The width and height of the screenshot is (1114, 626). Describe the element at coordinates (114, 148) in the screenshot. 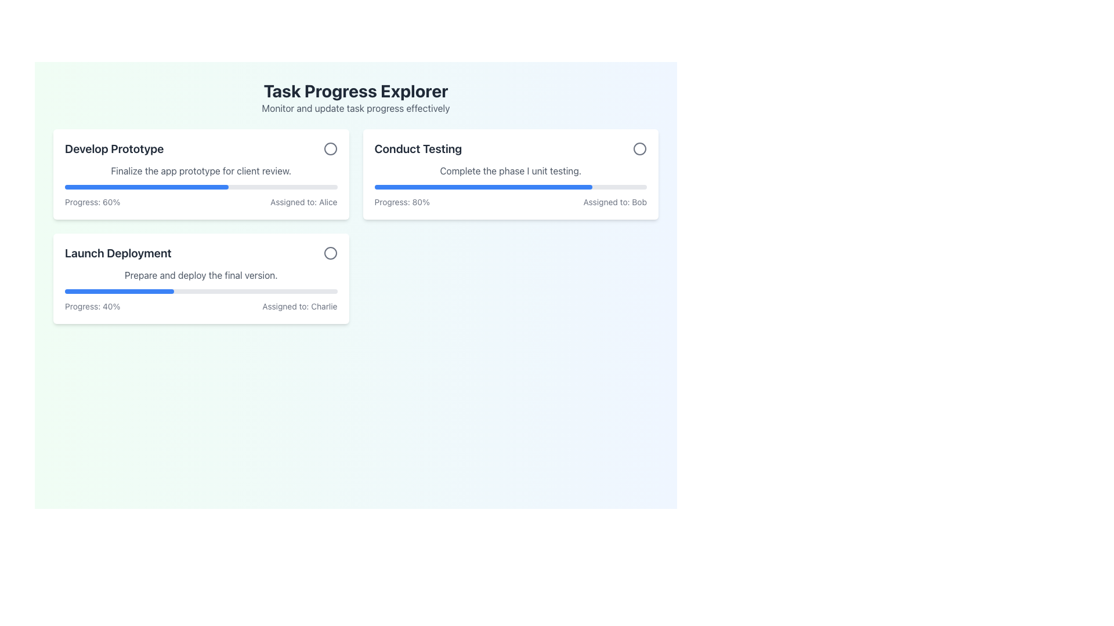

I see `the text label that reads 'Develop Prototype', styled with a larger font size, bold weight, and dark gray color, located at the top-left of its card` at that location.